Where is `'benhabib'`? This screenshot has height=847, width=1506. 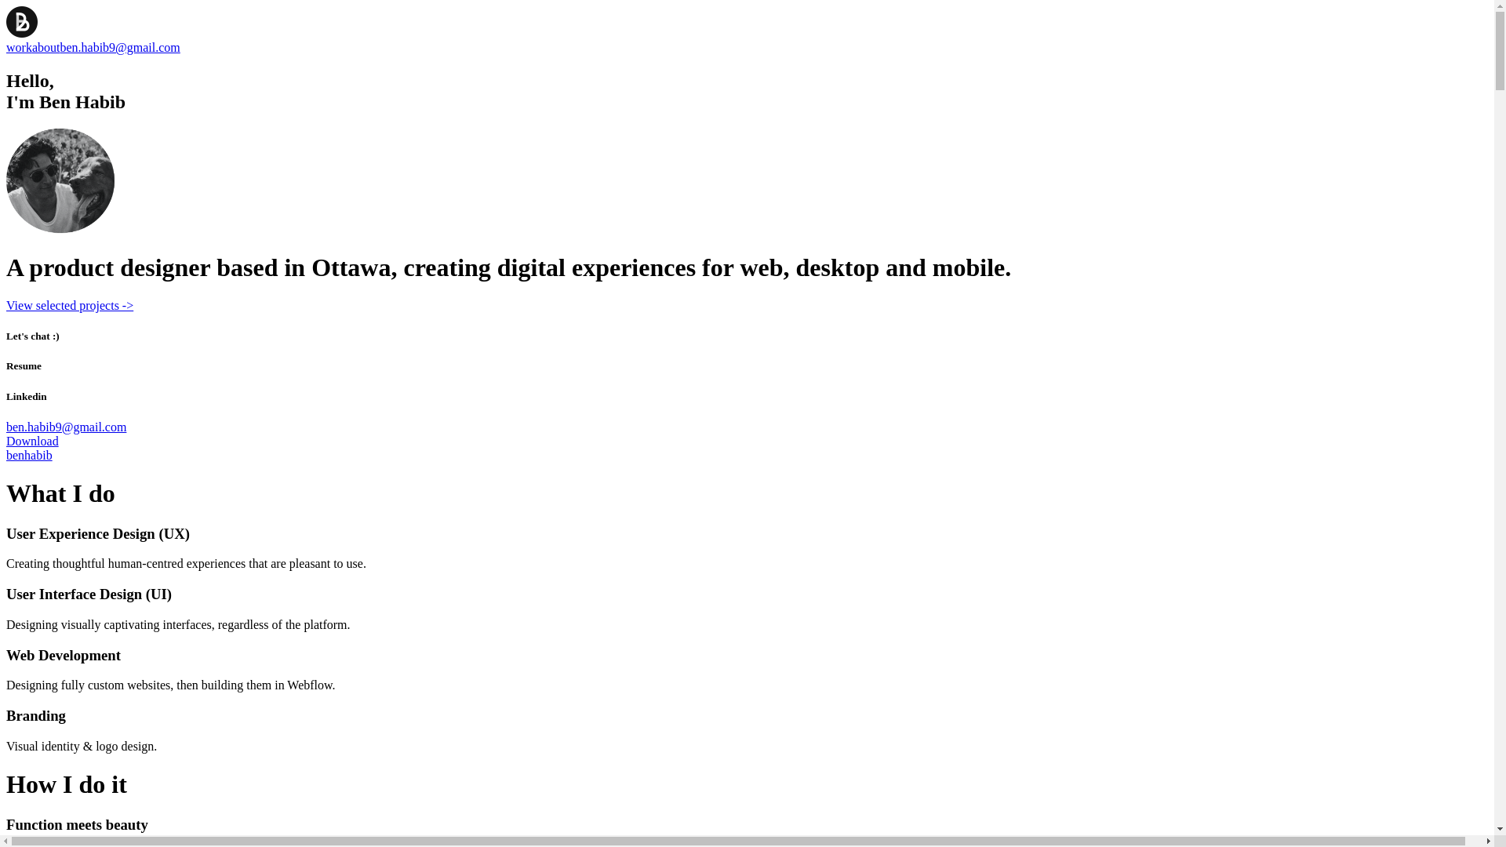
'benhabib' is located at coordinates (29, 455).